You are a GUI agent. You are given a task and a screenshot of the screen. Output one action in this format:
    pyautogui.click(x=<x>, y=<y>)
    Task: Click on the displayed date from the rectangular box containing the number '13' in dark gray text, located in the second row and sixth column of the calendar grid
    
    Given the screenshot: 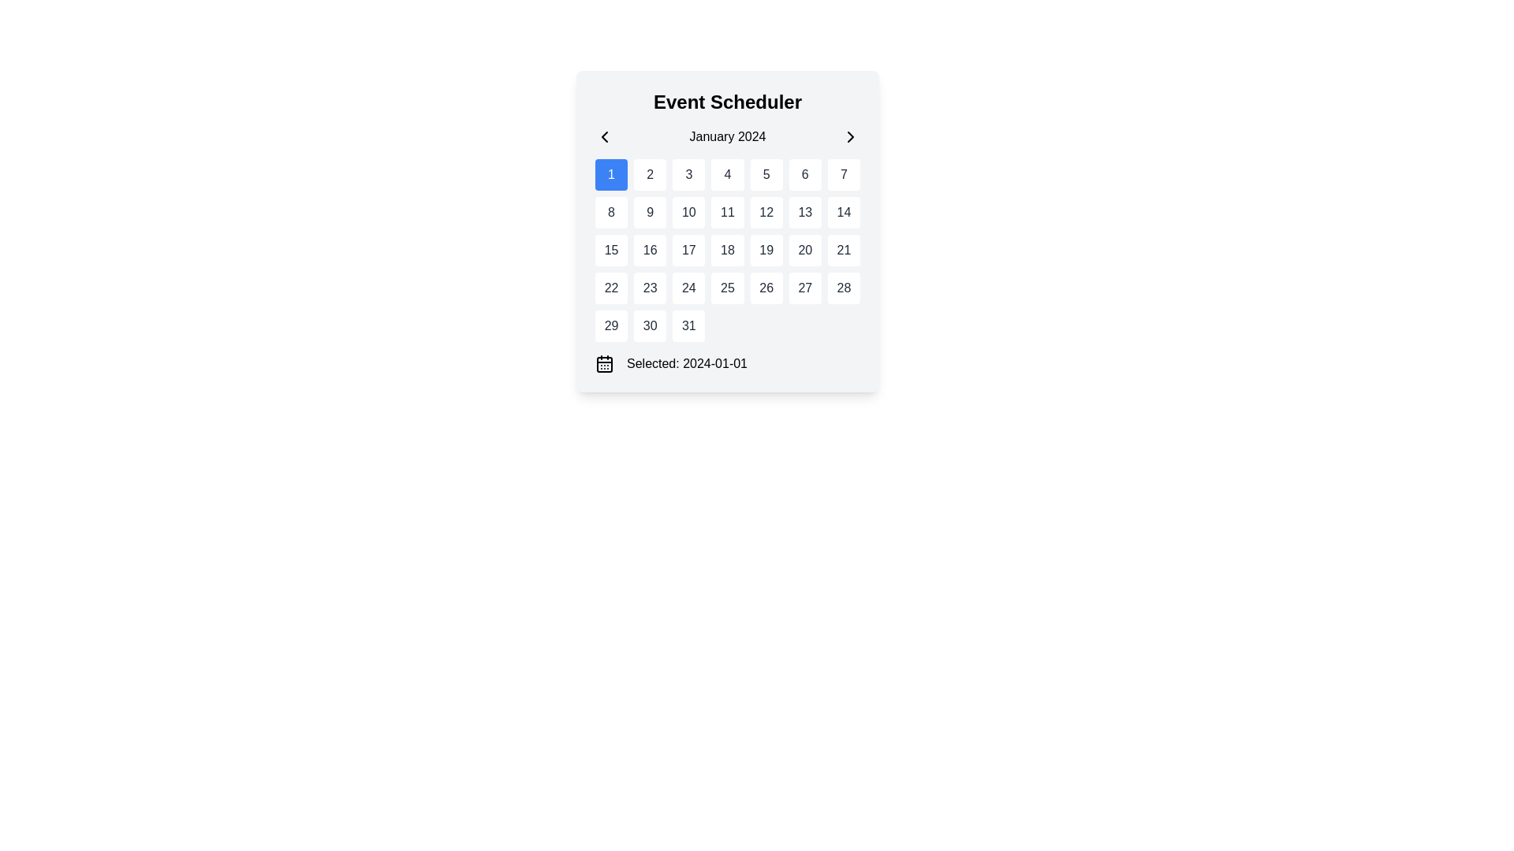 What is the action you would take?
    pyautogui.click(x=805, y=213)
    